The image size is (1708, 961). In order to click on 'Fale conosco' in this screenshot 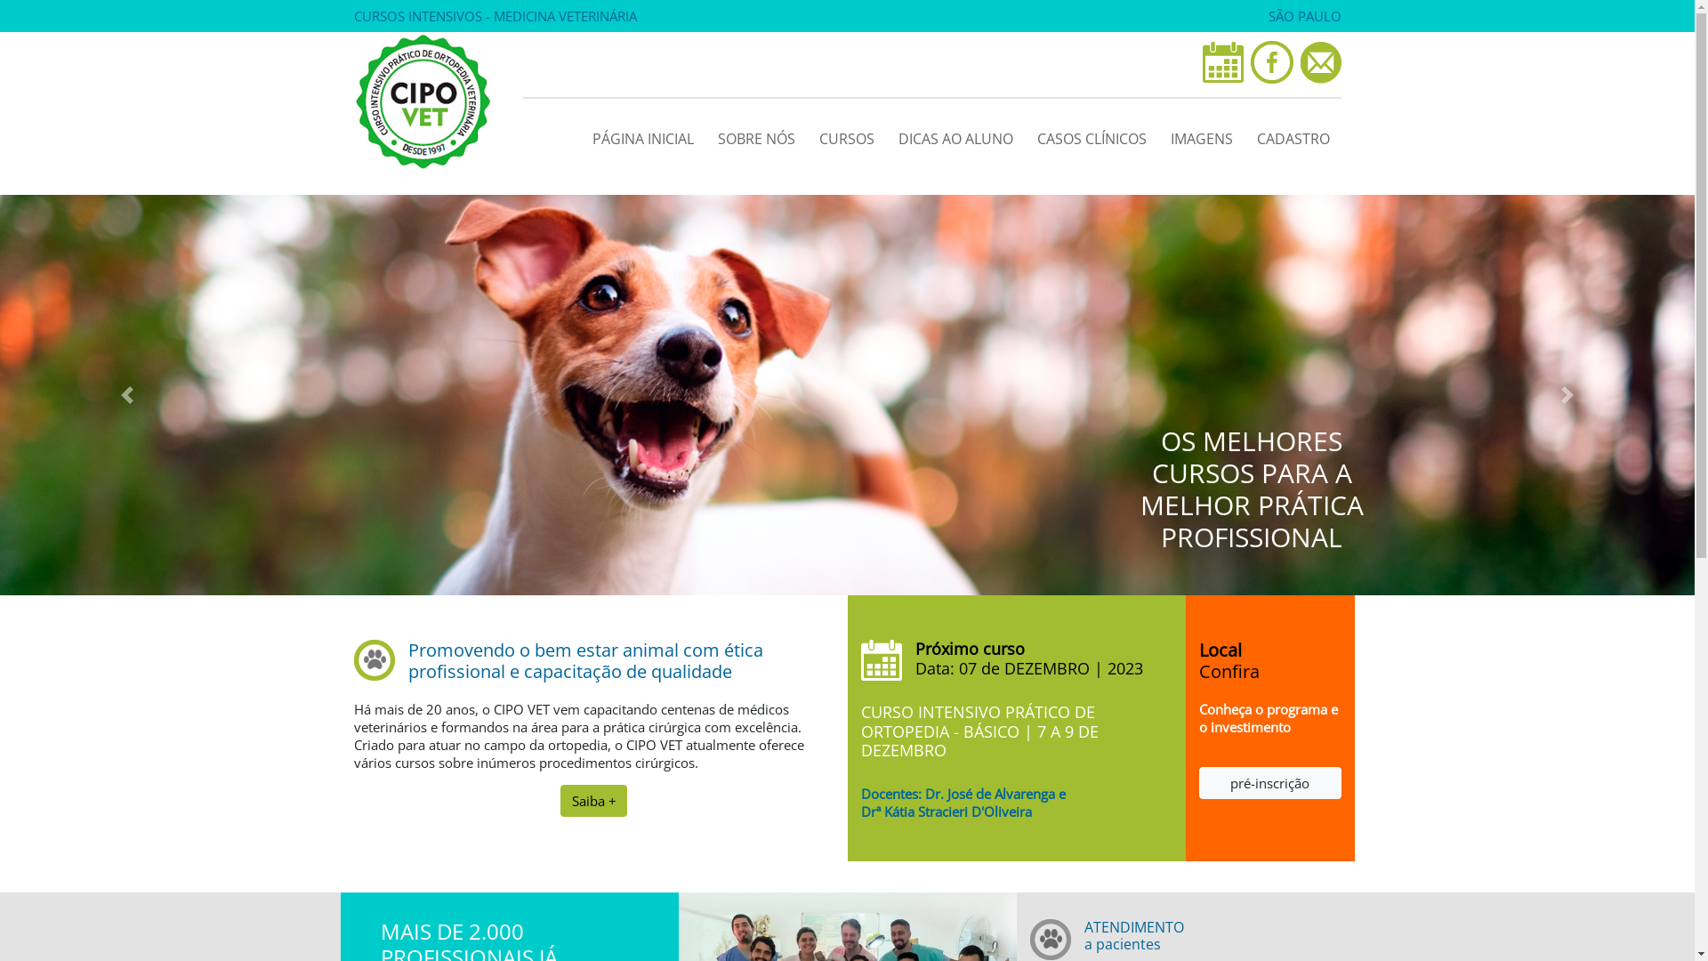, I will do `click(1320, 61)`.